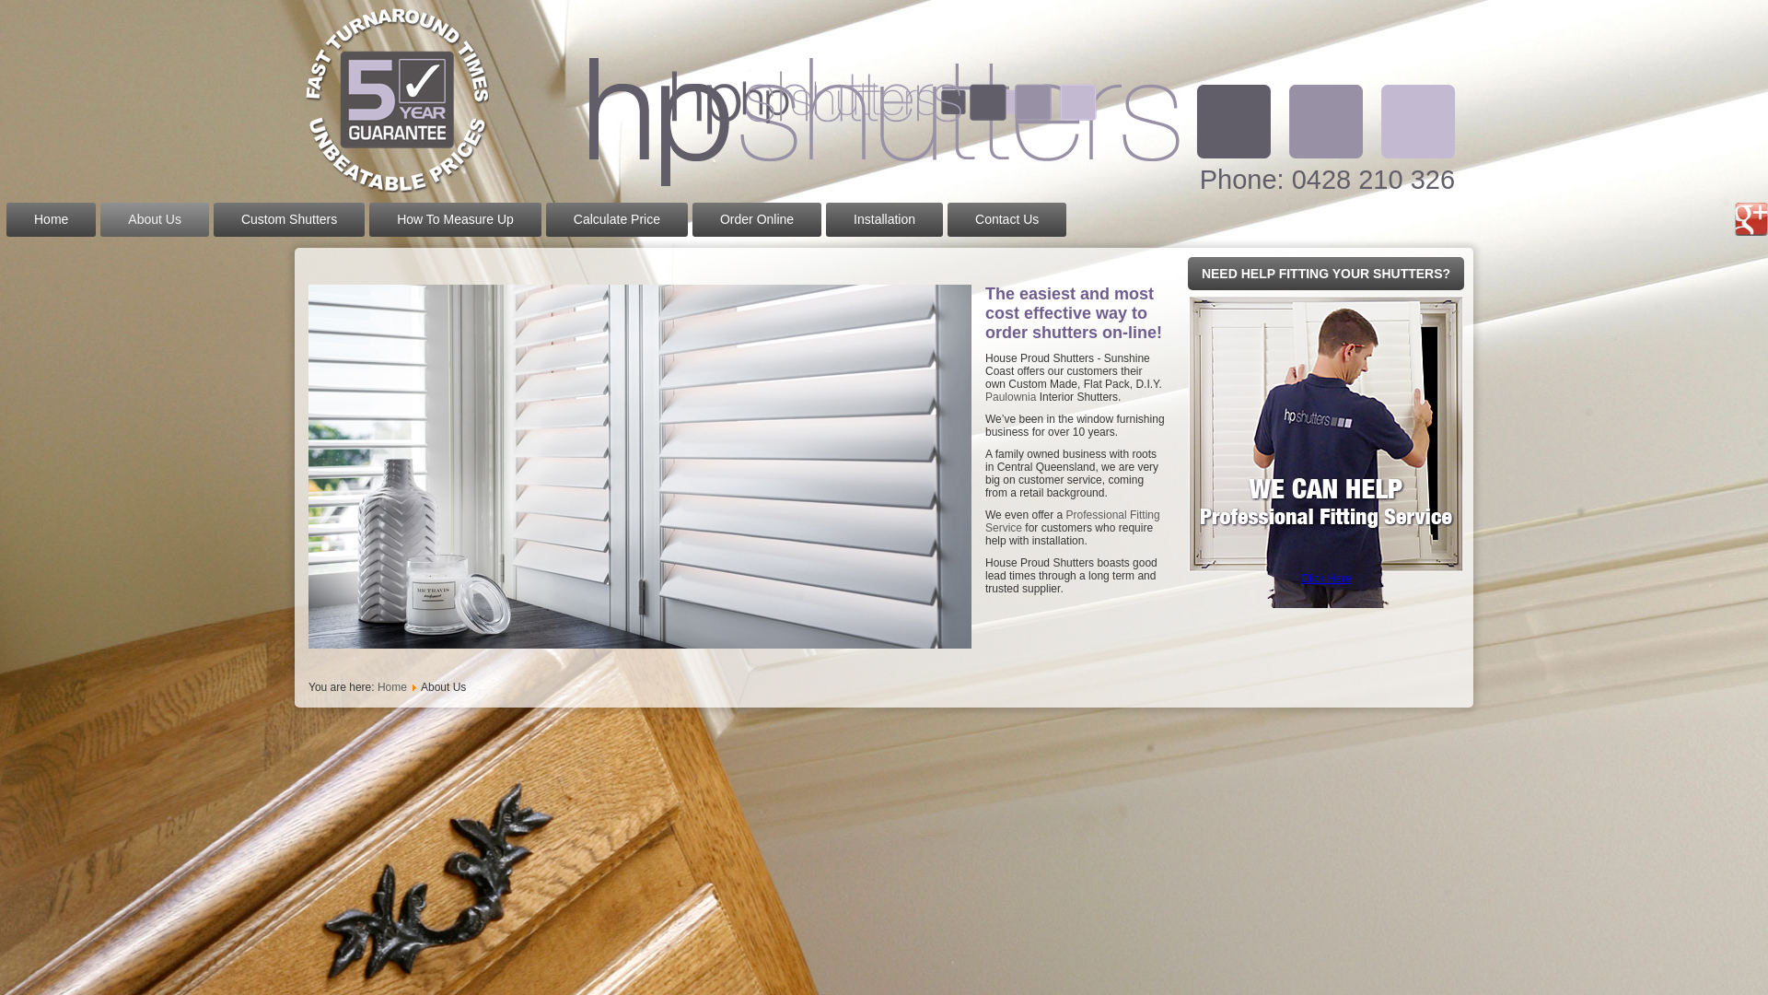 The height and width of the screenshot is (995, 1768). I want to click on 'How To Measure Up', so click(368, 218).